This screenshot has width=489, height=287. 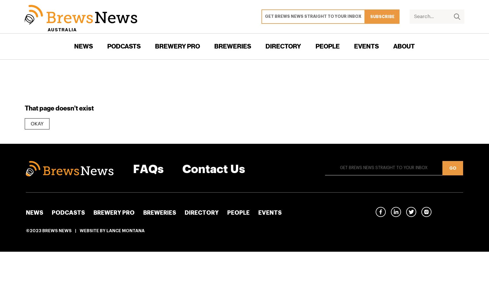 I want to click on 'Instagram', so click(x=443, y=211).